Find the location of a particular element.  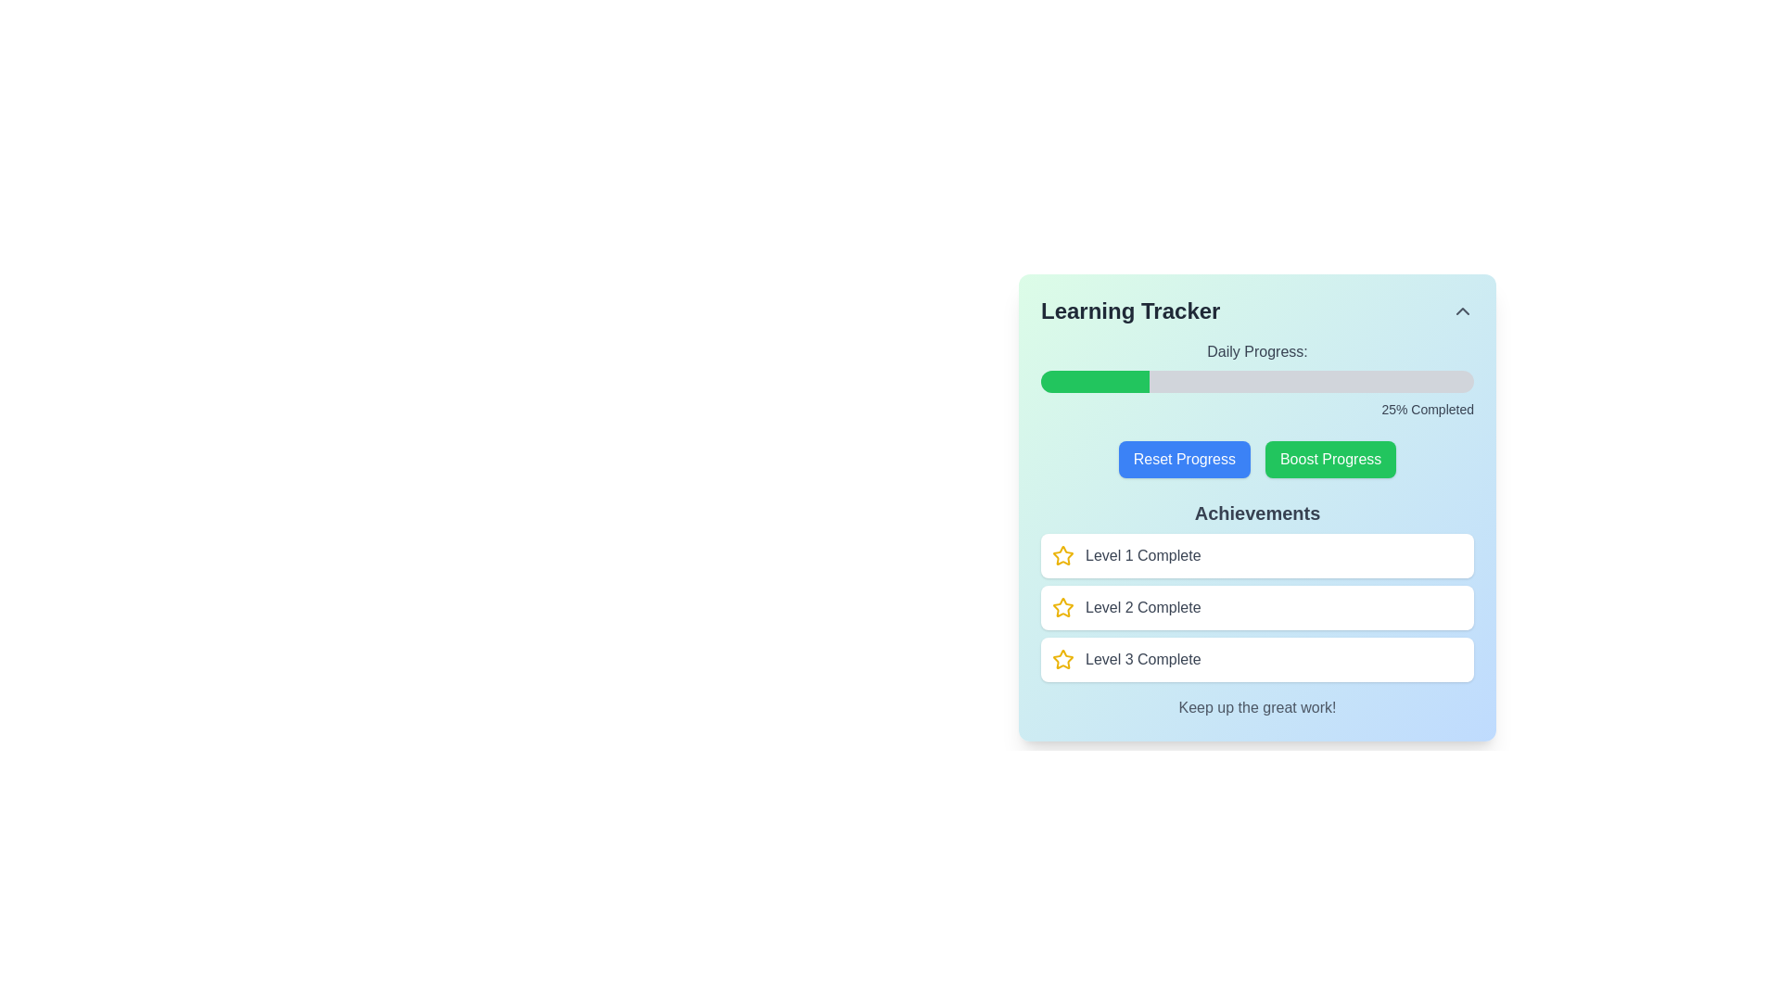

the text label indicating the achievements section, which serves as a heading for the content below is located at coordinates (1257, 513).